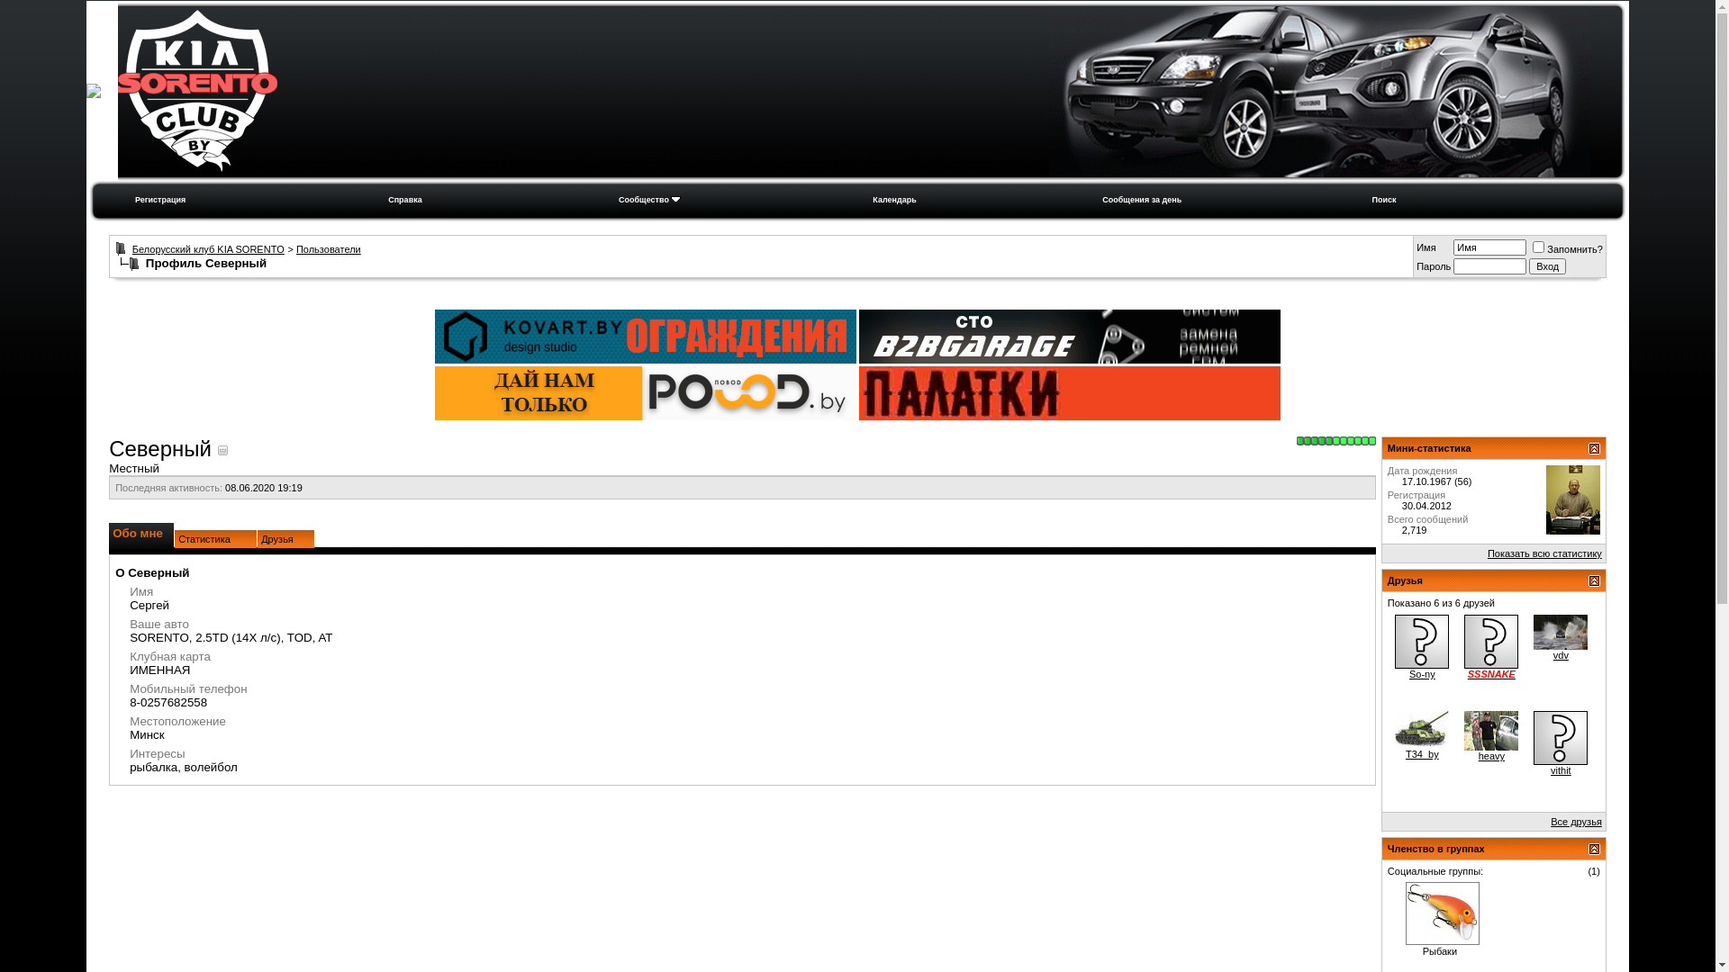 The image size is (1729, 972). What do you see at coordinates (1559, 631) in the screenshot?
I see `'vdv'` at bounding box center [1559, 631].